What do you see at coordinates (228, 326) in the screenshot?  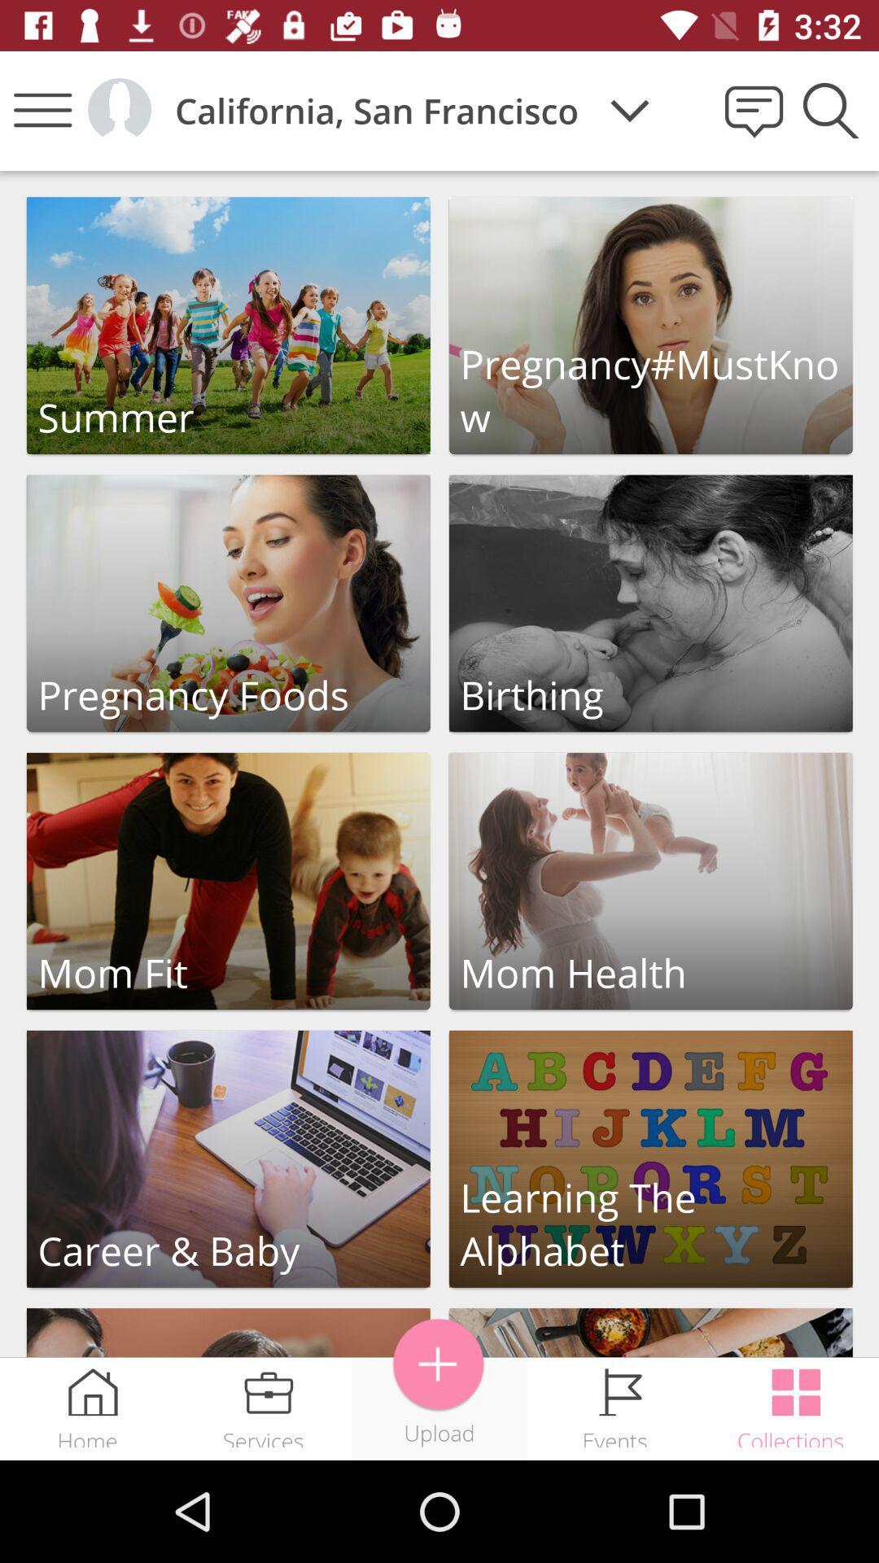 I see `summer` at bounding box center [228, 326].